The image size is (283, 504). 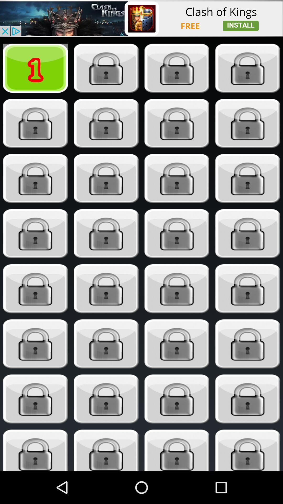 What do you see at coordinates (248, 178) in the screenshot?
I see `look here` at bounding box center [248, 178].